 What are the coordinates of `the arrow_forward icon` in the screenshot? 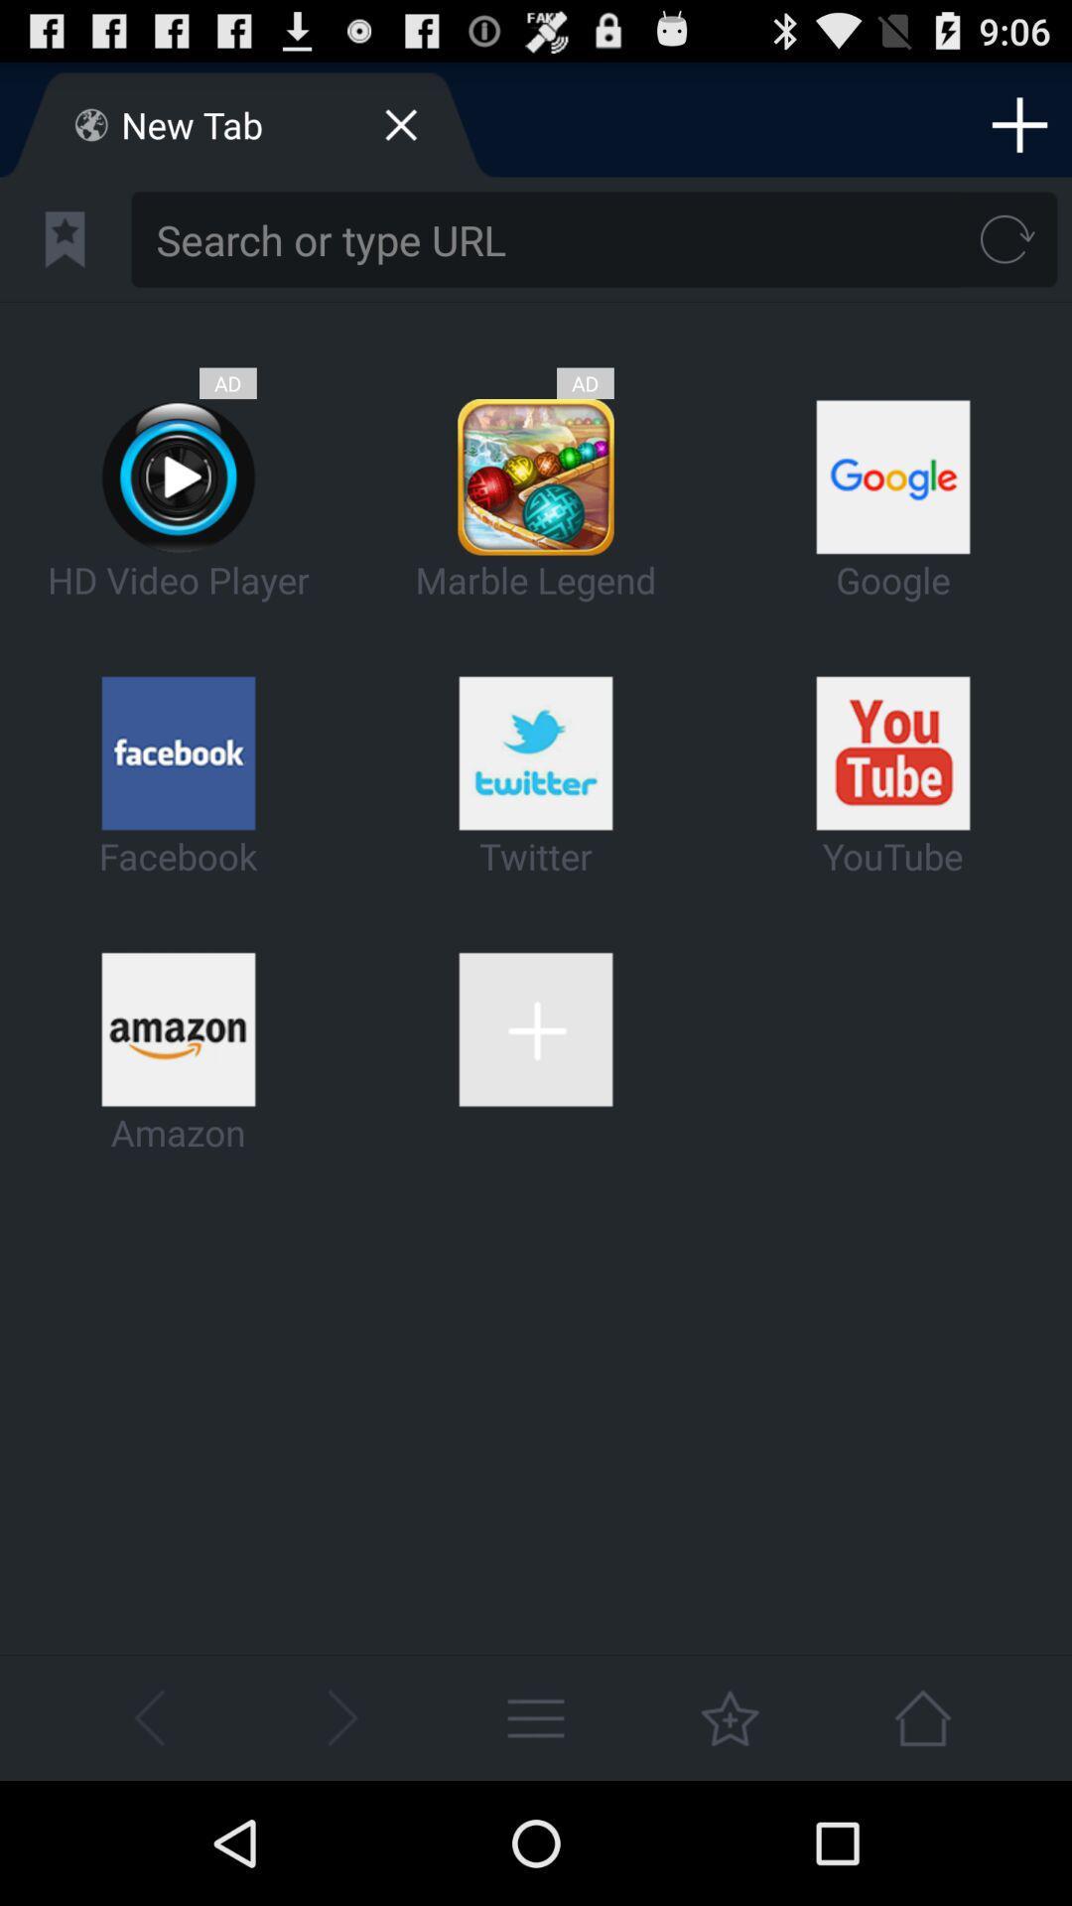 It's located at (340, 1838).